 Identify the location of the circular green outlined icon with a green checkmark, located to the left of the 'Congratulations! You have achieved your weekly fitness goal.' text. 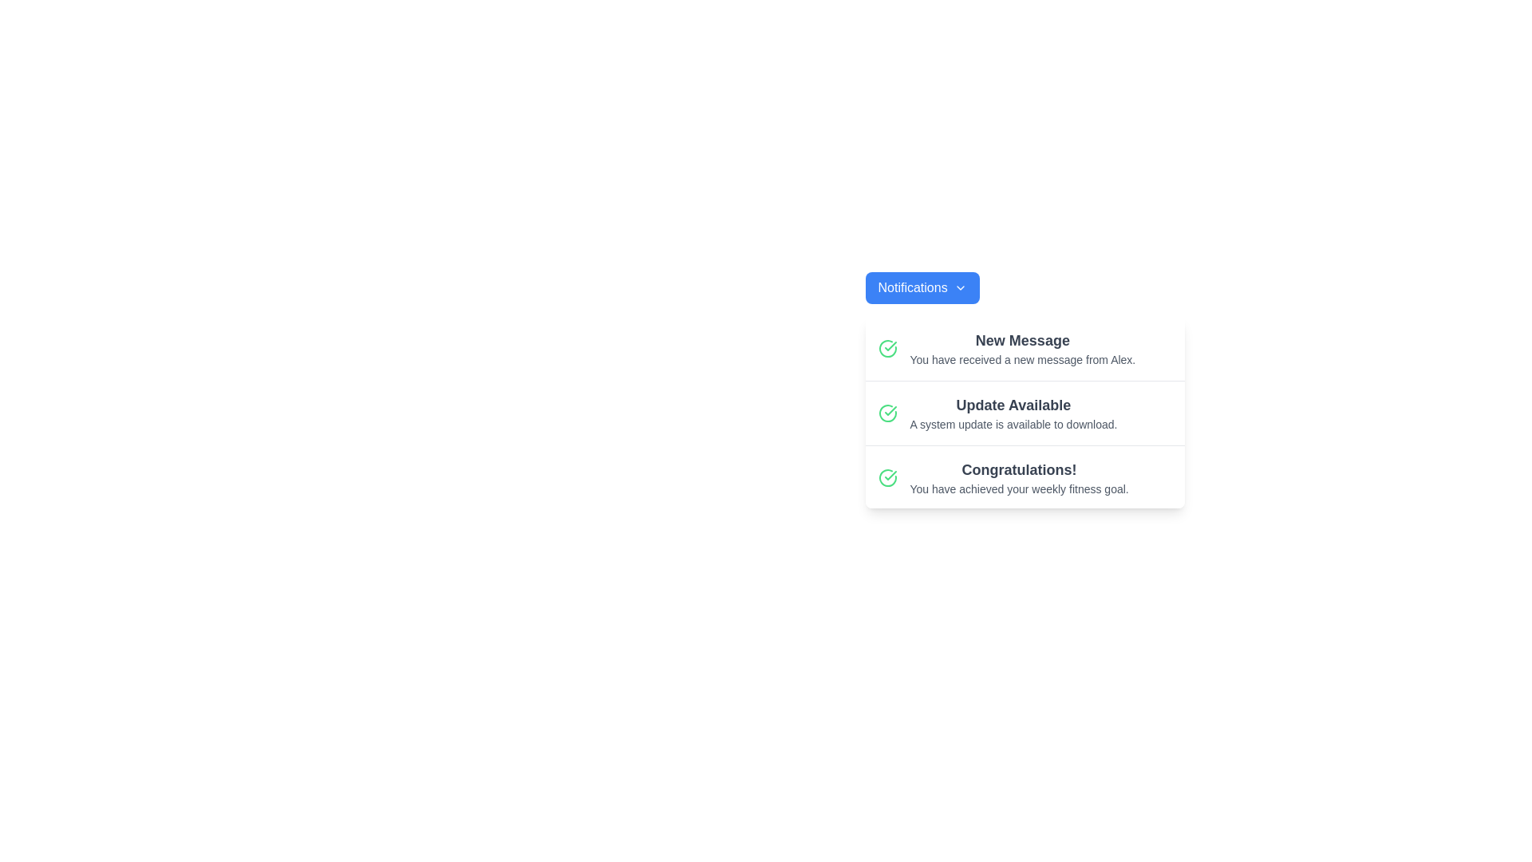
(886, 476).